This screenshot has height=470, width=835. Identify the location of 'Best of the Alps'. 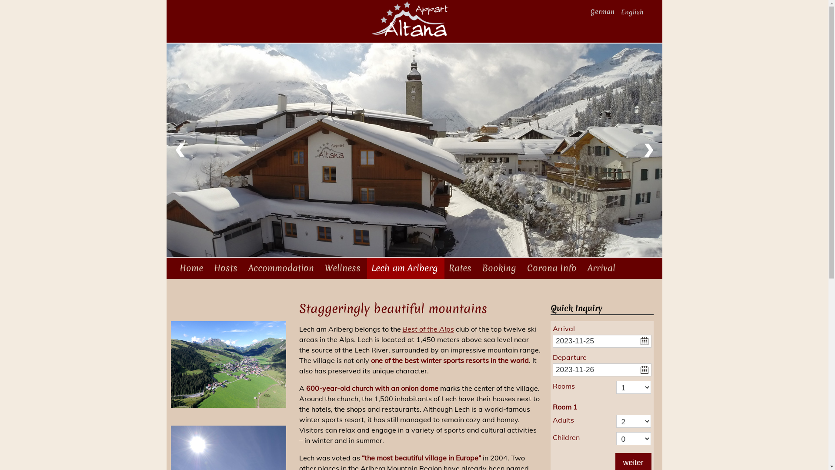
(428, 329).